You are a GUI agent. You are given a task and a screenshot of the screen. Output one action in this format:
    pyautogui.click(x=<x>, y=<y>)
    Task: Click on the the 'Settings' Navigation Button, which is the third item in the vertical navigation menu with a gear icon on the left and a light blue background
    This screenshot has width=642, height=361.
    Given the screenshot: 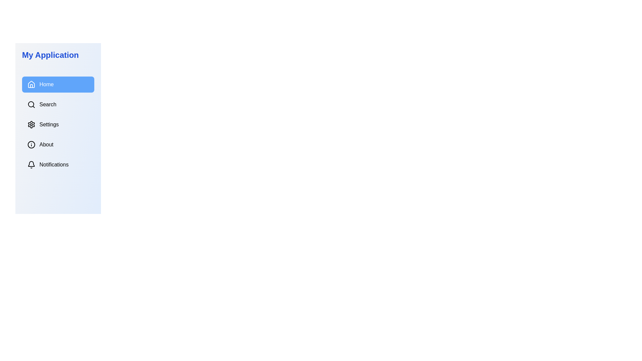 What is the action you would take?
    pyautogui.click(x=58, y=125)
    